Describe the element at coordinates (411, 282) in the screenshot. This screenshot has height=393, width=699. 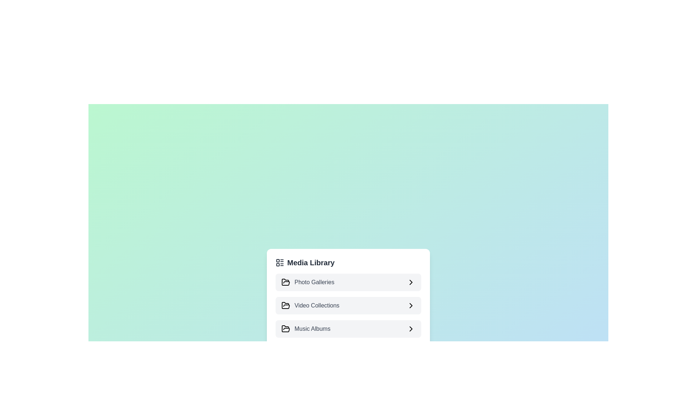
I see `icon next to the category title Photo Galleries` at that location.